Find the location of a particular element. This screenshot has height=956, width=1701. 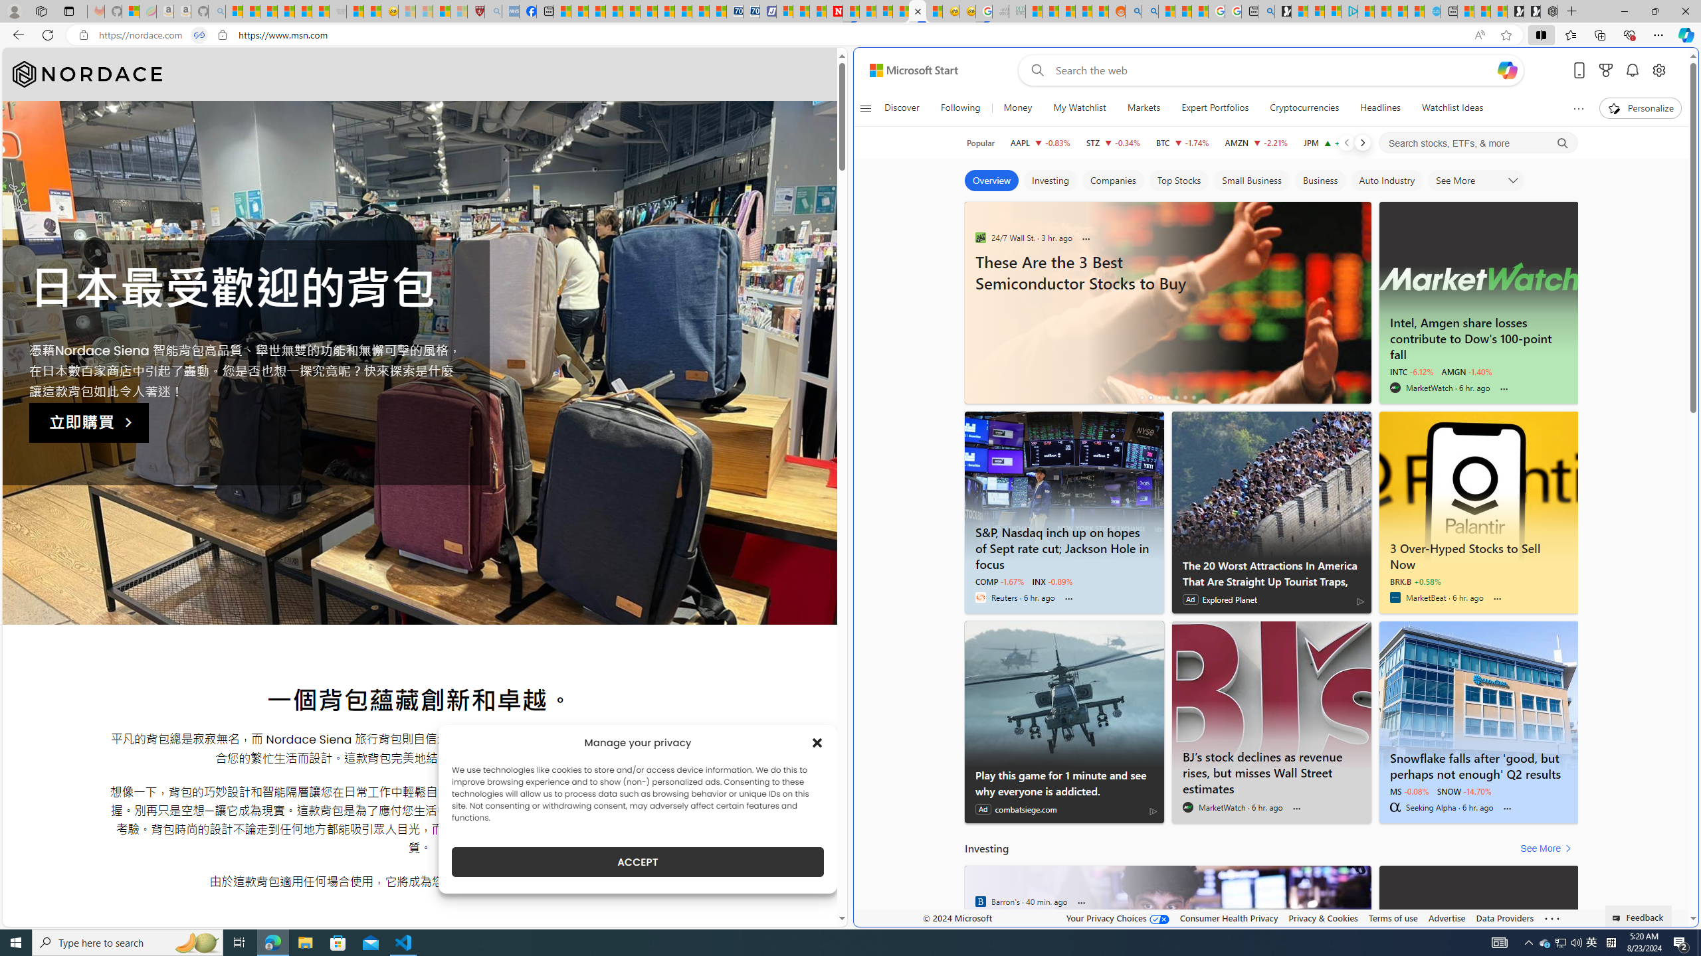

'My Watchlist' is located at coordinates (1080, 108).